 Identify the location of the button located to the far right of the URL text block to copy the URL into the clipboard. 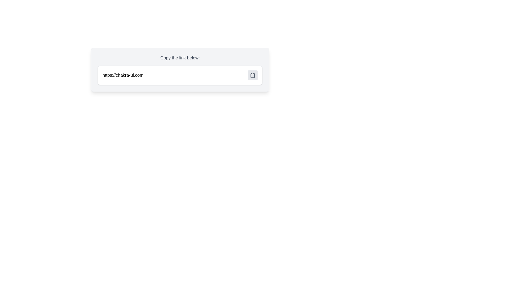
(252, 75).